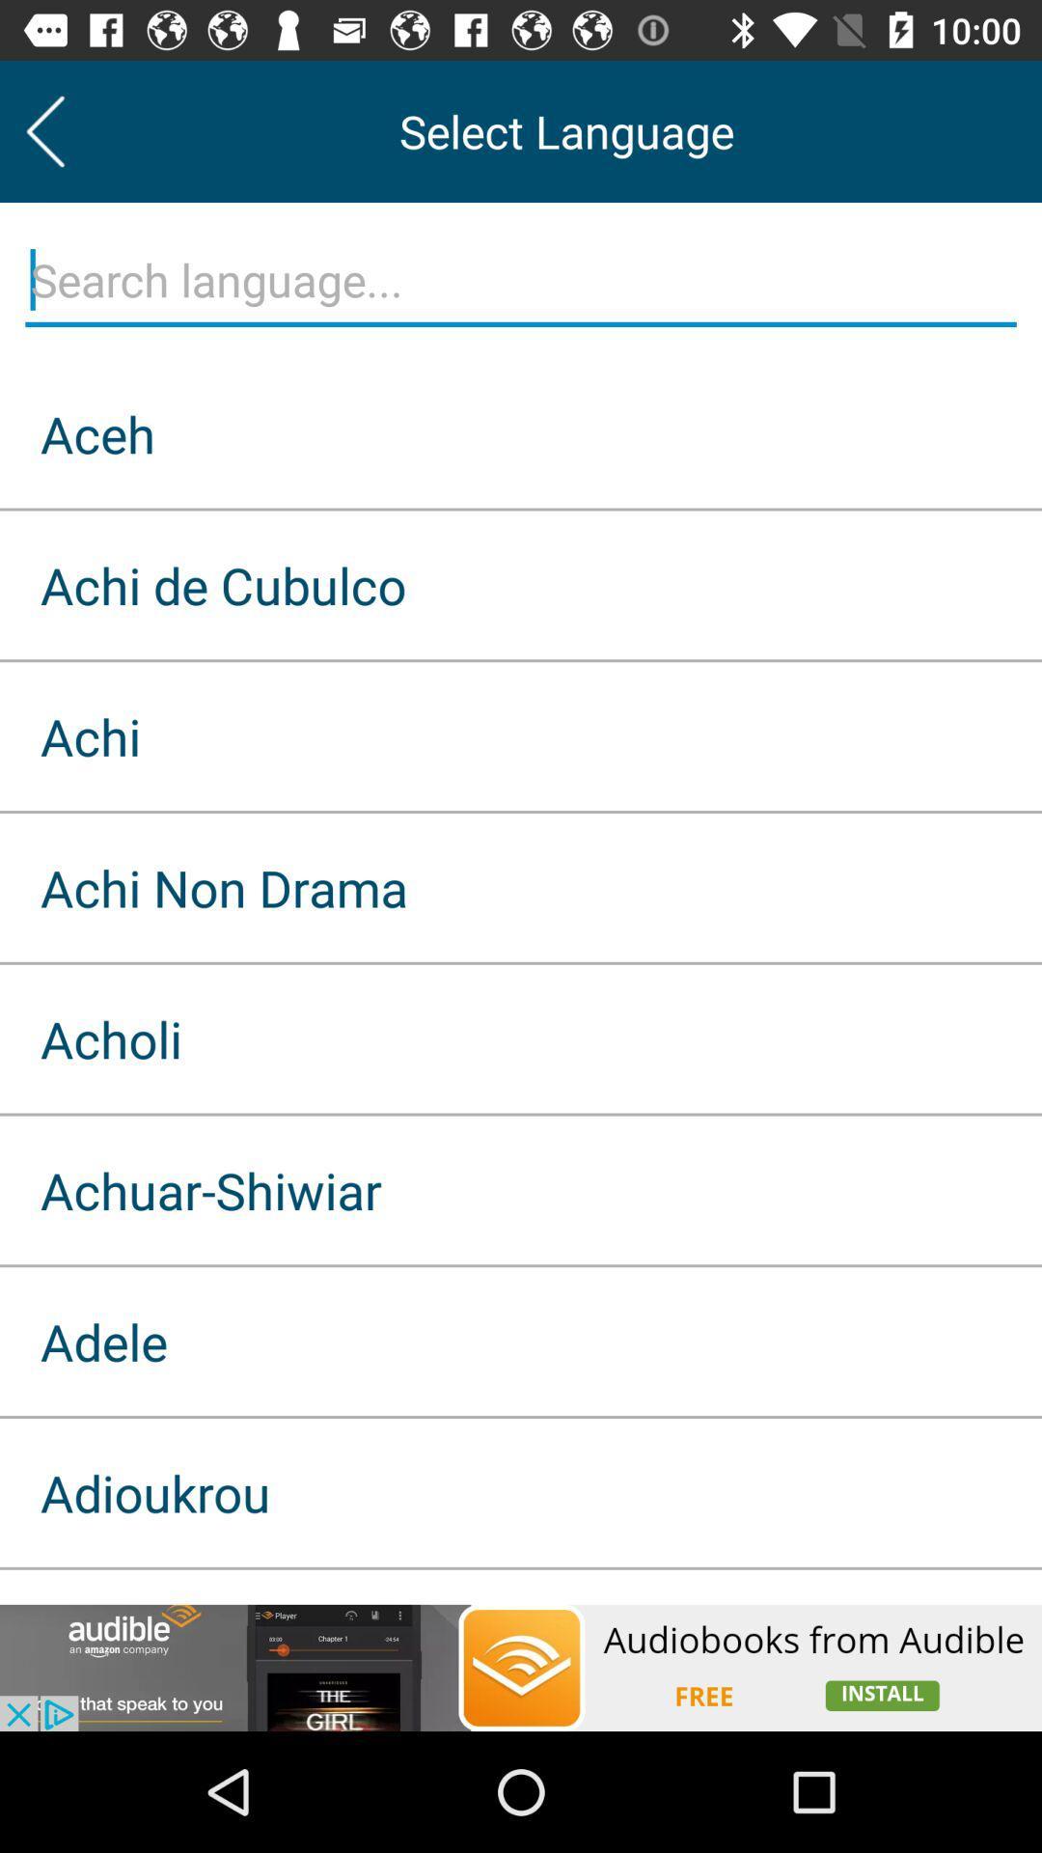  What do you see at coordinates (521, 280) in the screenshot?
I see `language bar` at bounding box center [521, 280].